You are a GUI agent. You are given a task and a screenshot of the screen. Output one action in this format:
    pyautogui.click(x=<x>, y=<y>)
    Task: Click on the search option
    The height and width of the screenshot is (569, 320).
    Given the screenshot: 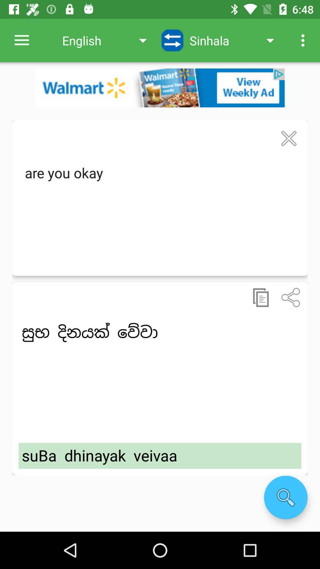 What is the action you would take?
    pyautogui.click(x=285, y=497)
    